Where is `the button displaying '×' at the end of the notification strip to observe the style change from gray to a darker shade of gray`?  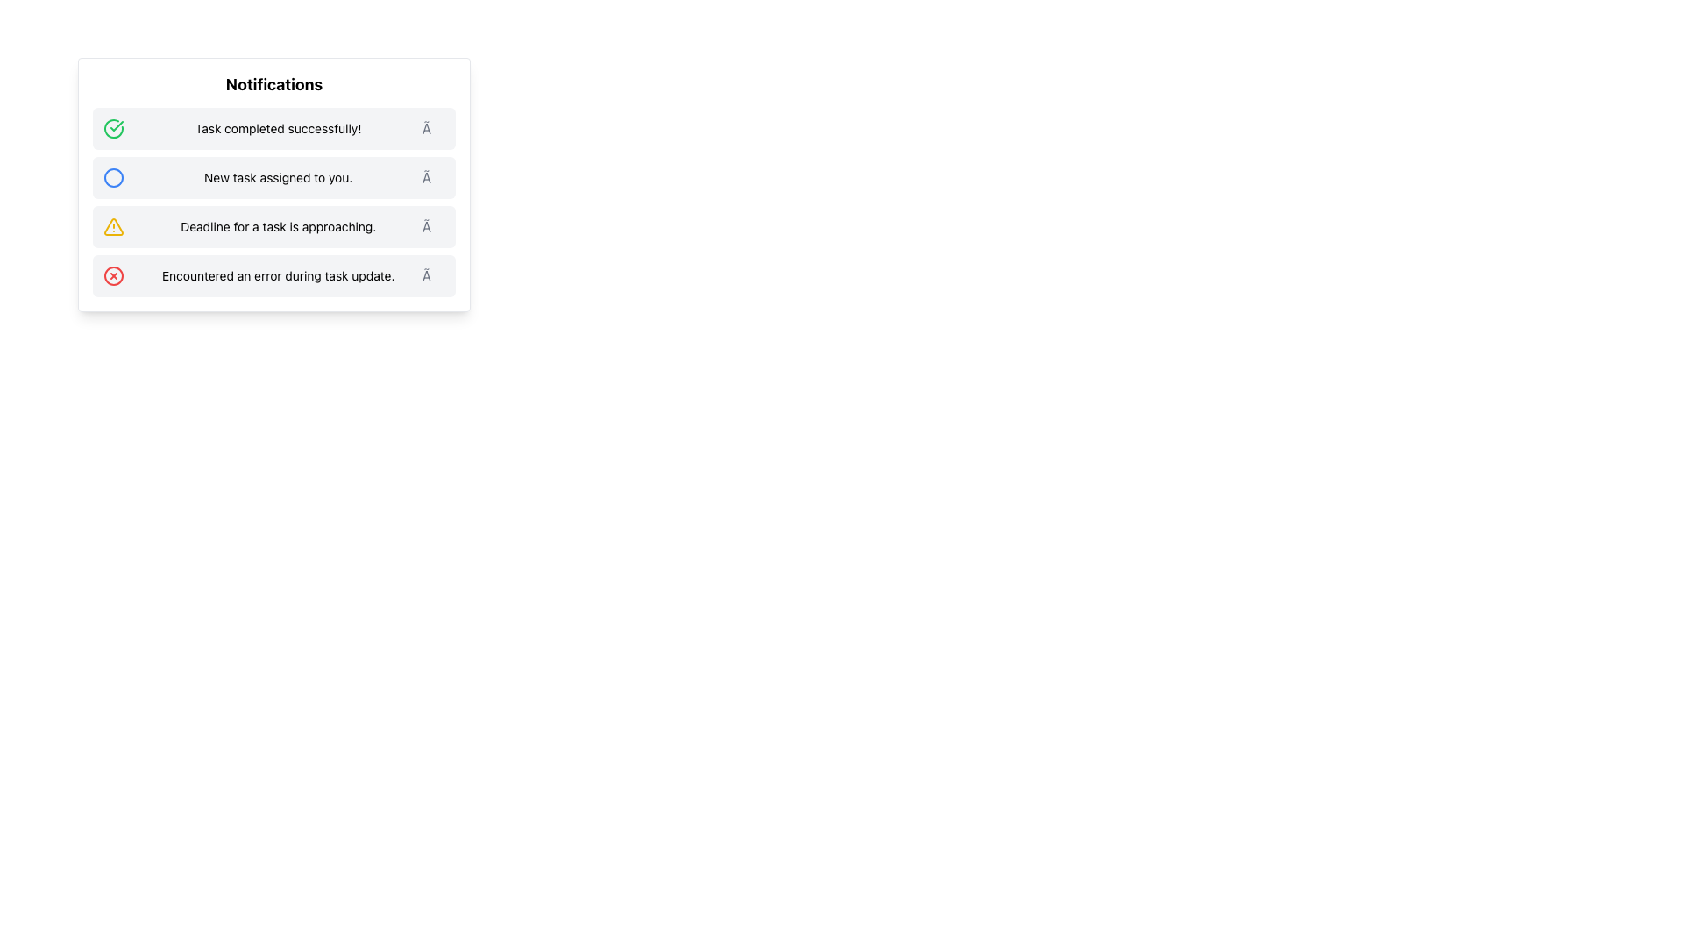 the button displaying '×' at the end of the notification strip to observe the style change from gray to a darker shade of gray is located at coordinates (433, 178).